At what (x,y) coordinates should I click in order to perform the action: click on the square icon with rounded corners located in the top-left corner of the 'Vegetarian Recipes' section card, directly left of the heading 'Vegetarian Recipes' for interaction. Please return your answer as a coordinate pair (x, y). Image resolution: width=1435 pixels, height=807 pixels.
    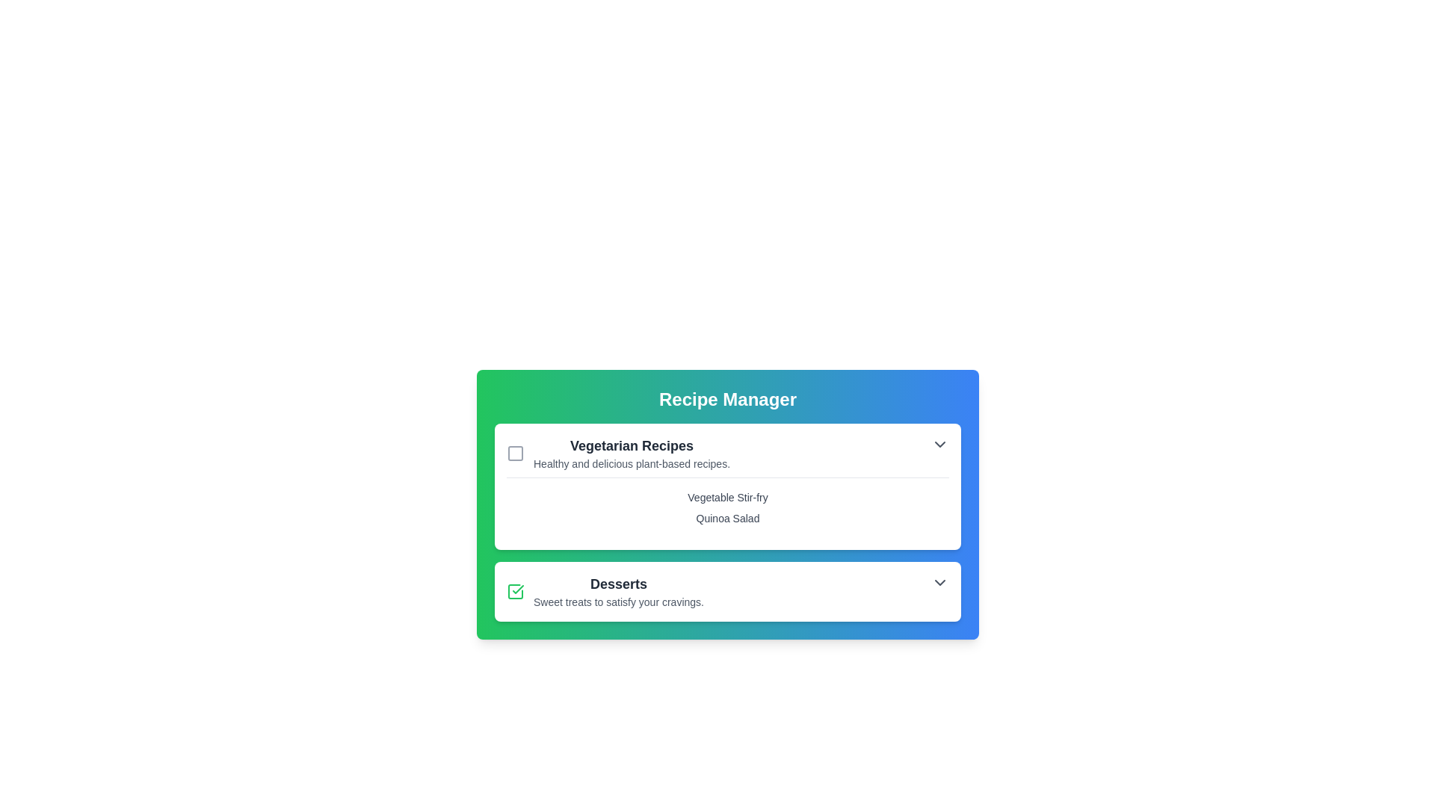
    Looking at the image, I should click on (516, 452).